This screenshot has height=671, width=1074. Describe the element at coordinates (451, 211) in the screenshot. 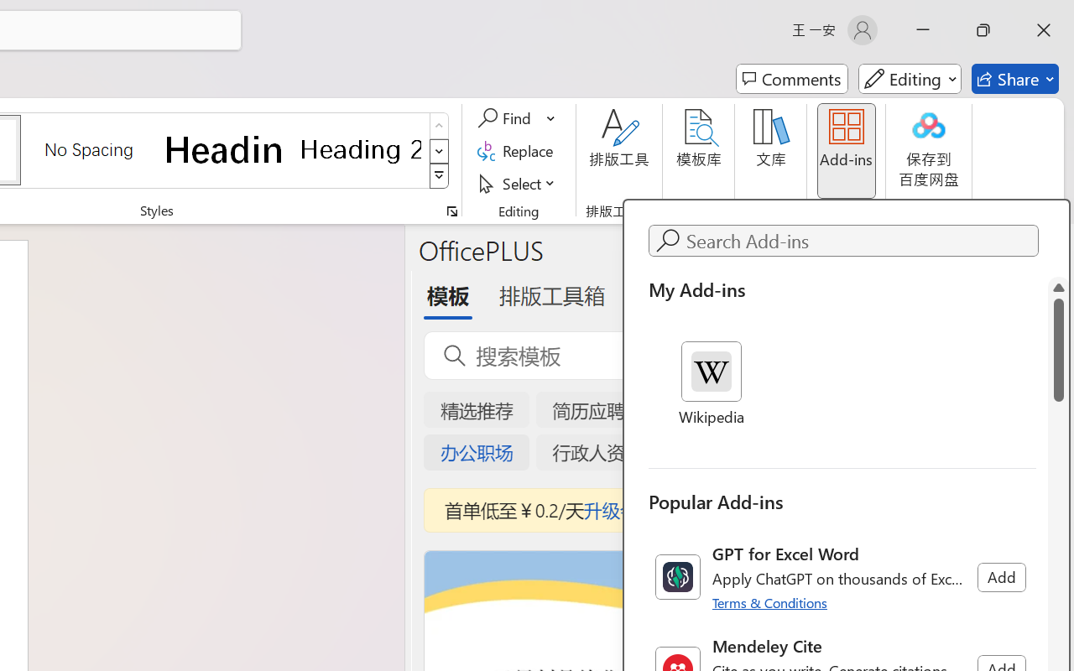

I see `'Styles...'` at that location.